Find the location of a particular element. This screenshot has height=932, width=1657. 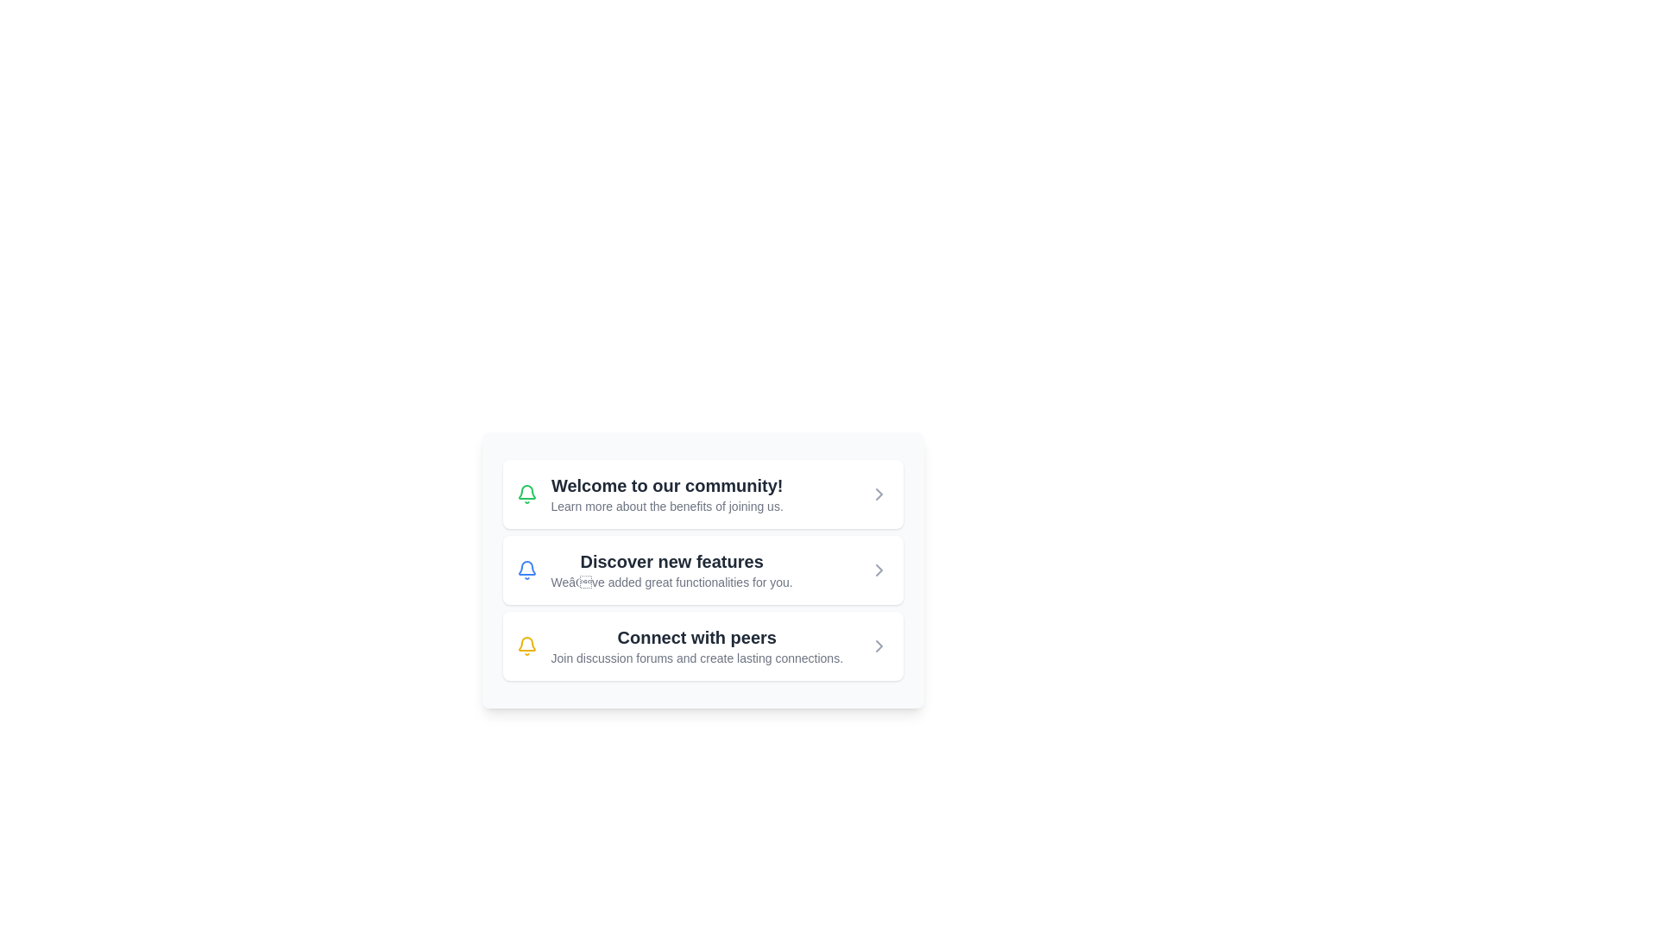

introductory welcome message text element, which is located at the topmost section of a vertically stacked group of items, slightly to the right of an icon is located at coordinates (666, 486).